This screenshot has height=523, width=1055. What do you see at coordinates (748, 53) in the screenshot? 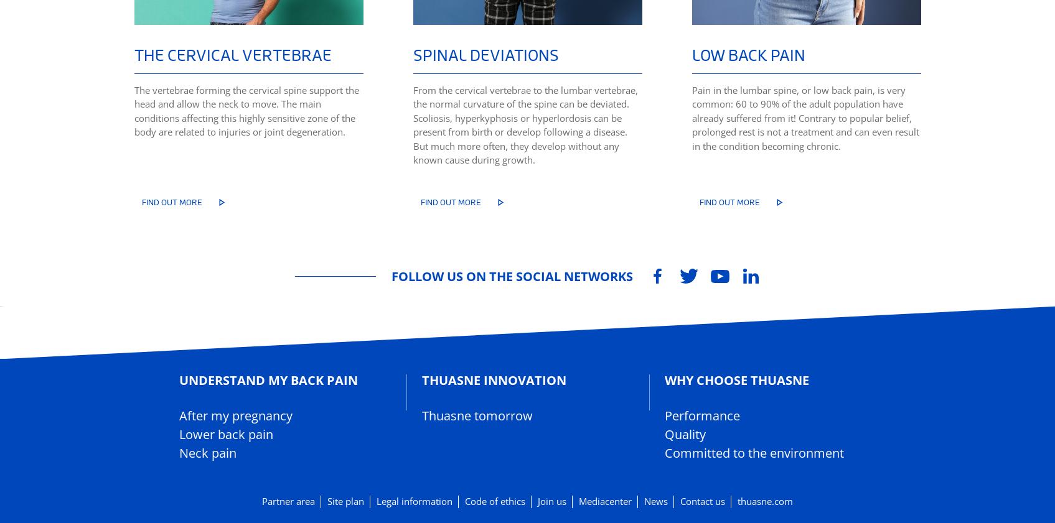
I see `'Low back pain'` at bounding box center [748, 53].